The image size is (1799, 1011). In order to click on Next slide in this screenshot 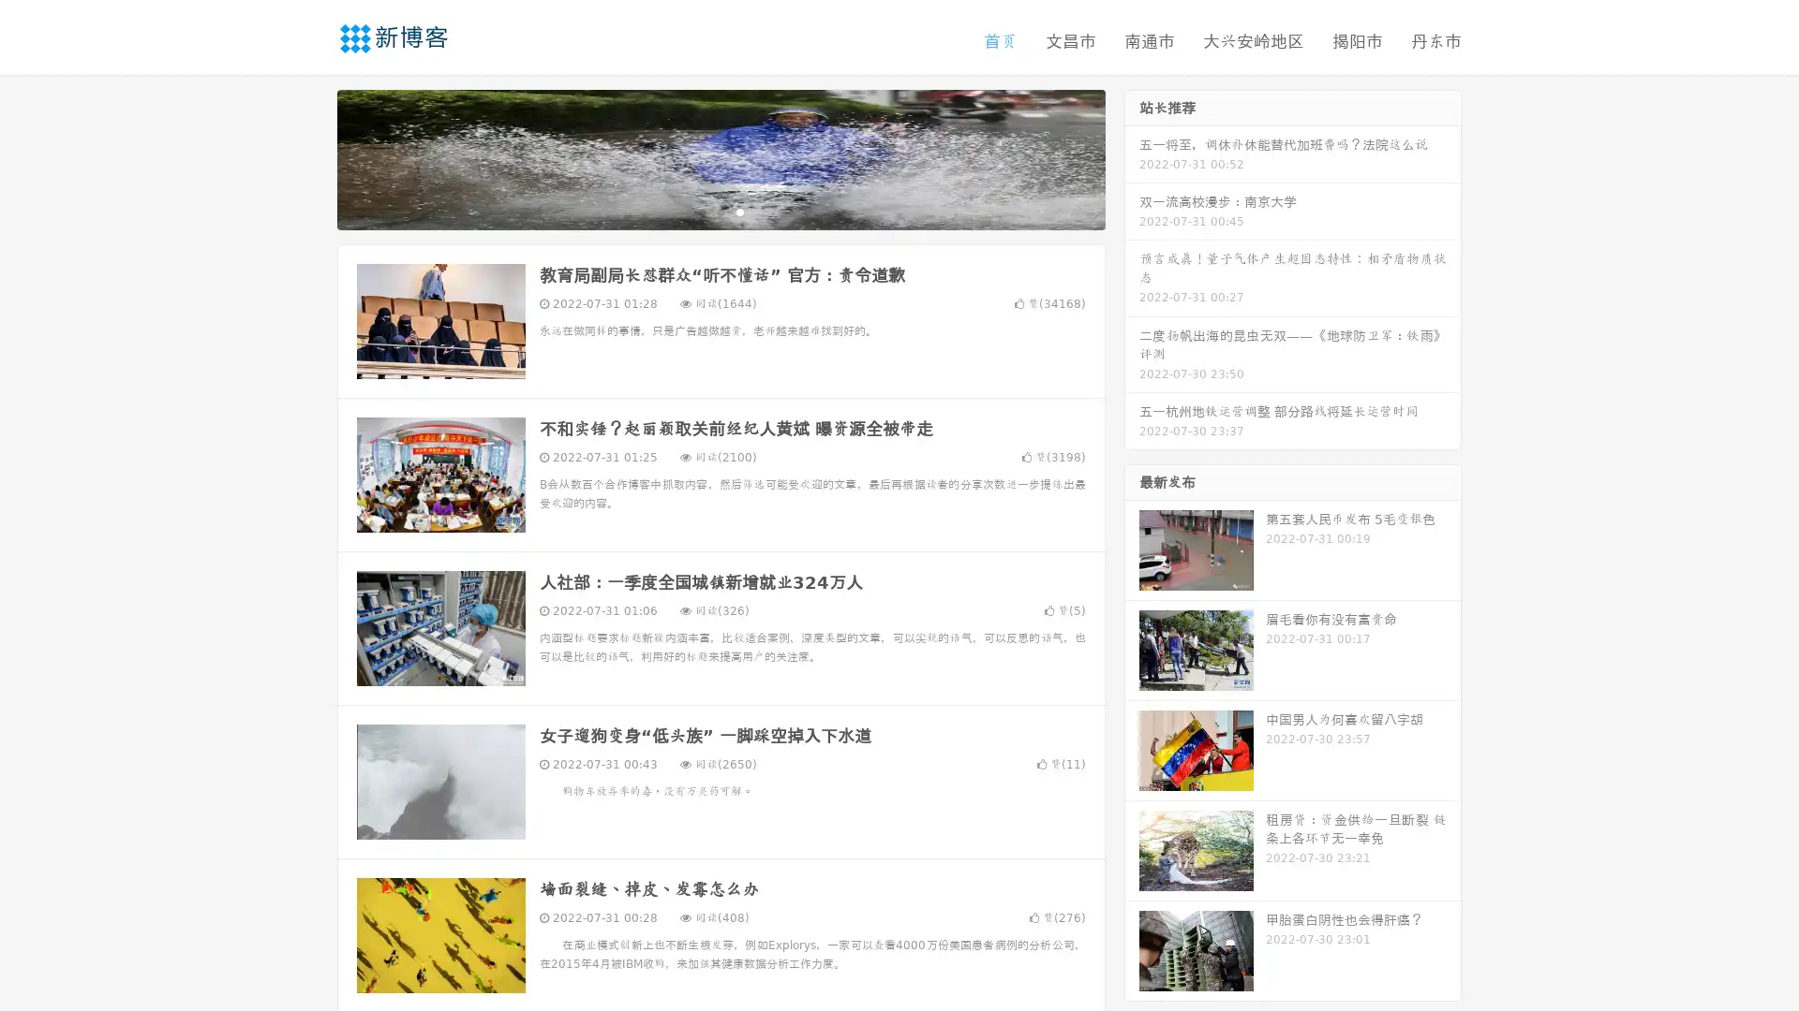, I will do `click(1132, 157)`.